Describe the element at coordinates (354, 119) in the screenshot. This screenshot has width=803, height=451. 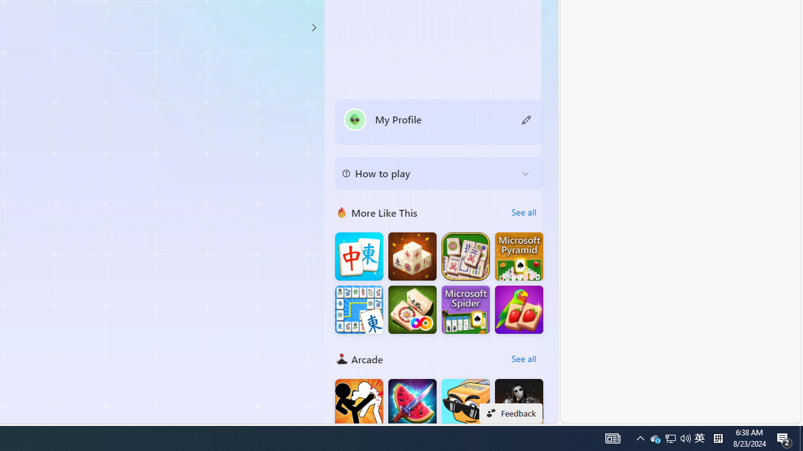
I see `'""'` at that location.